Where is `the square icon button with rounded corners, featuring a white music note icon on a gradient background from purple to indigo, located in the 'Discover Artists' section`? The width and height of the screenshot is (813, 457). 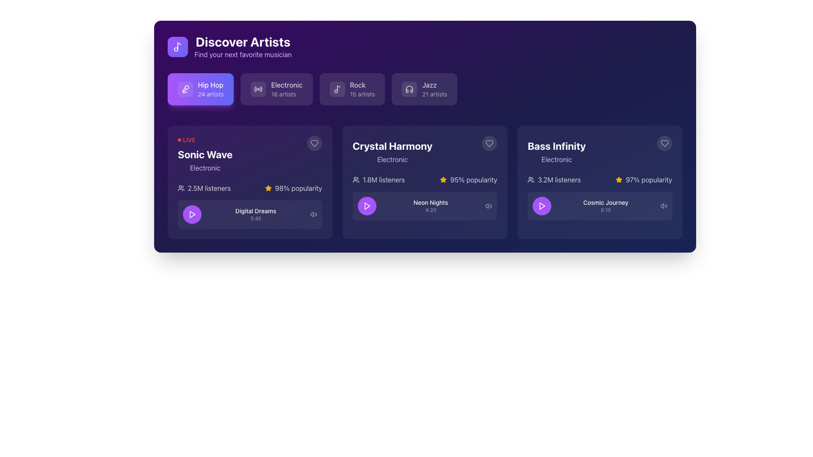
the square icon button with rounded corners, featuring a white music note icon on a gradient background from purple to indigo, located in the 'Discover Artists' section is located at coordinates (177, 47).